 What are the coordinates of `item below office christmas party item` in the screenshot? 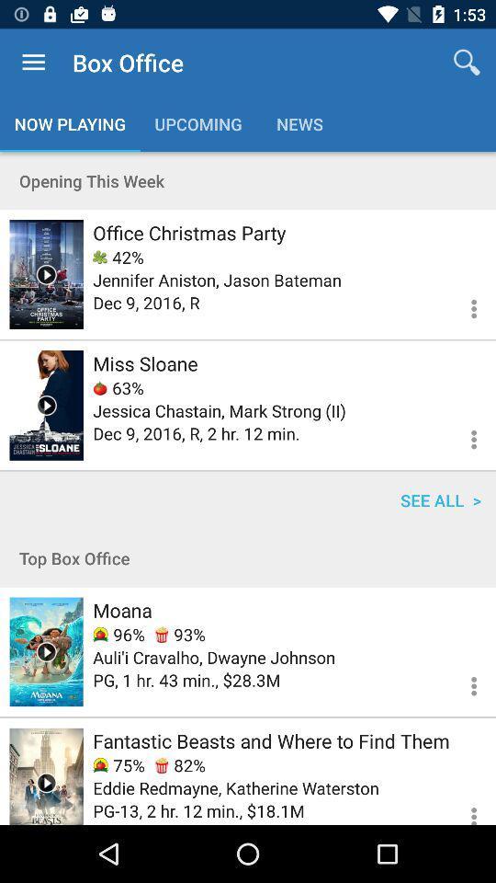 It's located at (118, 256).